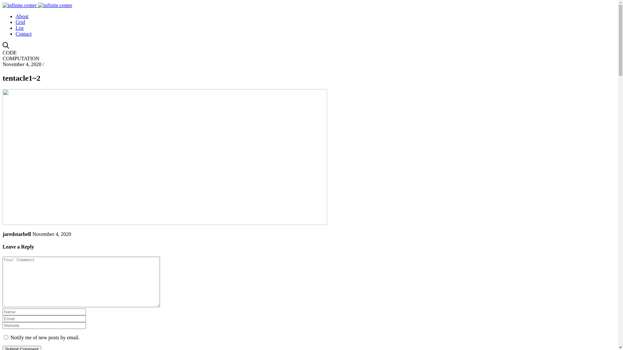 The image size is (623, 350). I want to click on 'Grid', so click(16, 22).